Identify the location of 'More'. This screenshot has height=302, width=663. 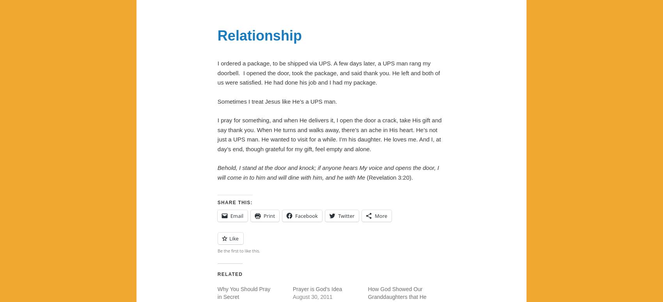
(380, 215).